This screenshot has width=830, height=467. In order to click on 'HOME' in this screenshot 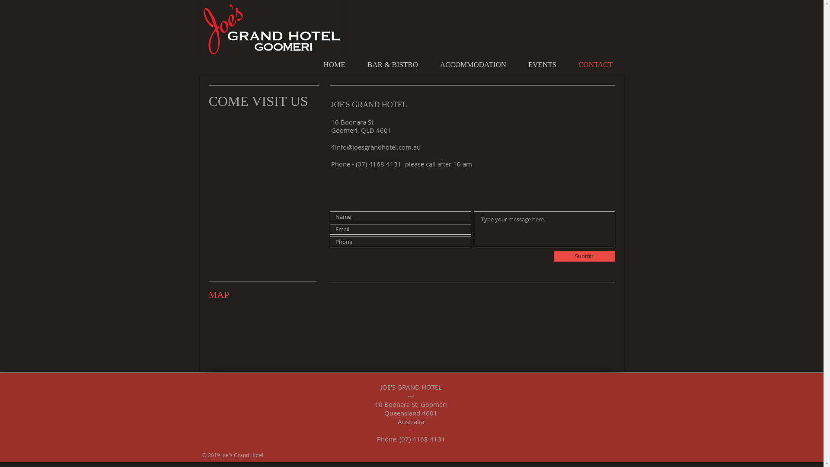, I will do `click(333, 64)`.